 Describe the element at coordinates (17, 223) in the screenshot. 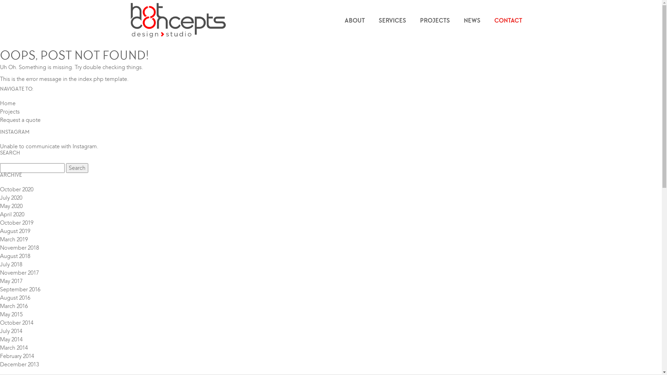

I see `'October 2019'` at that location.